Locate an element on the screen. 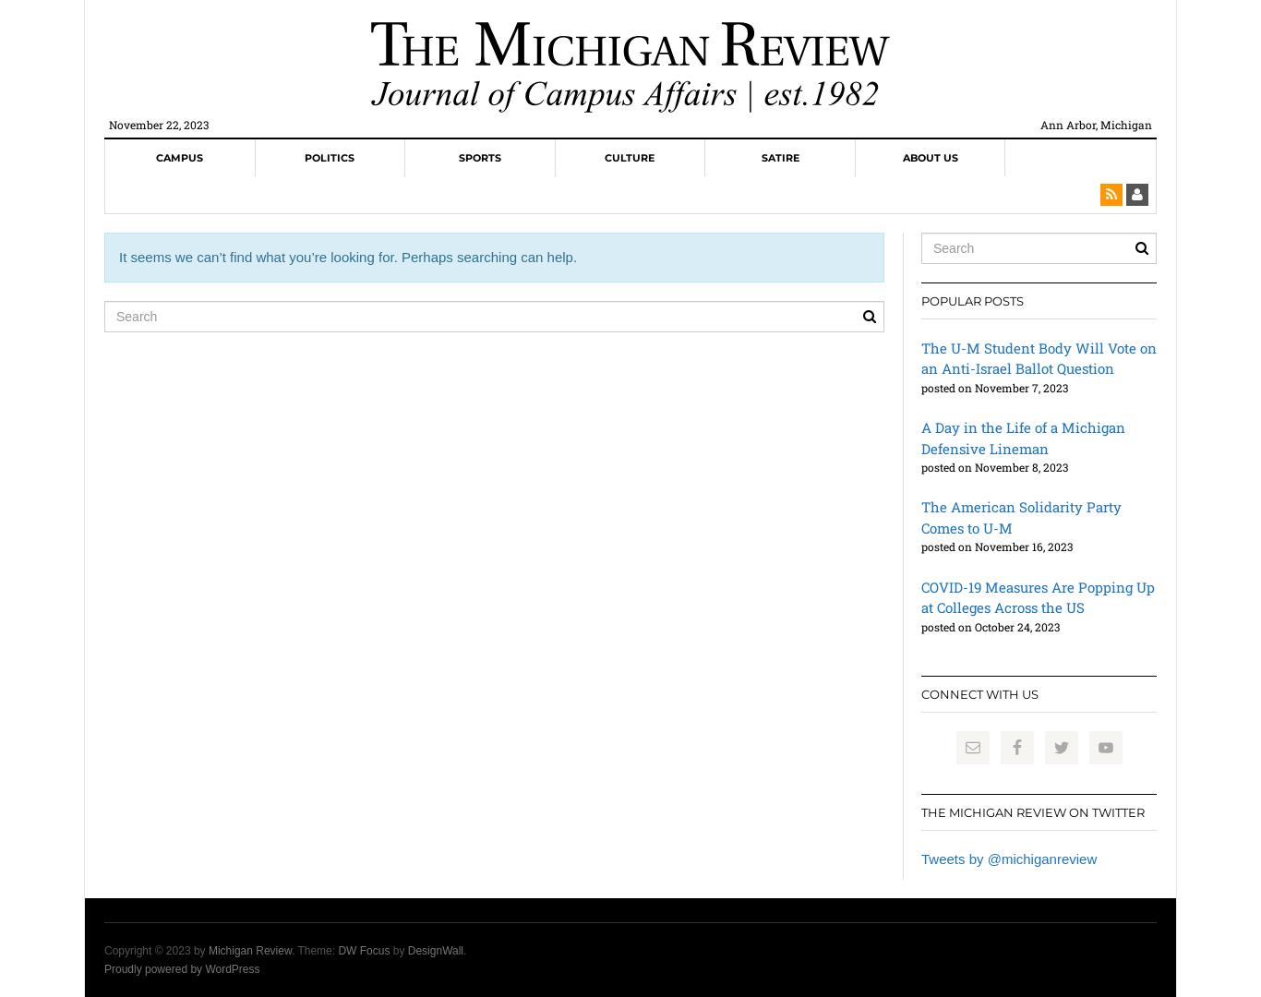 The width and height of the screenshot is (1261, 997). 'Satire' is located at coordinates (778, 155).